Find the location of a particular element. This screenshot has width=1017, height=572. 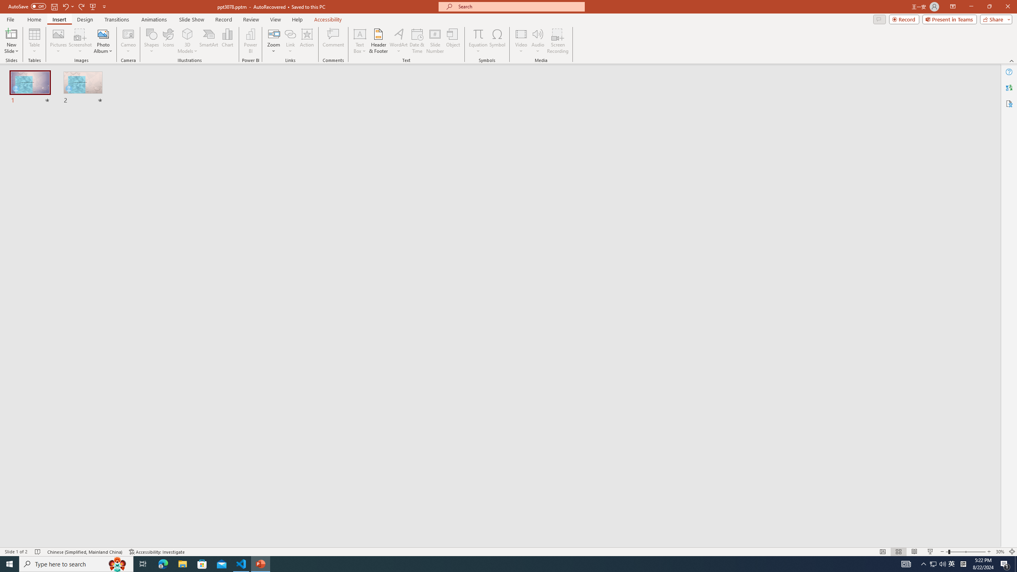

'Object...' is located at coordinates (453, 41).